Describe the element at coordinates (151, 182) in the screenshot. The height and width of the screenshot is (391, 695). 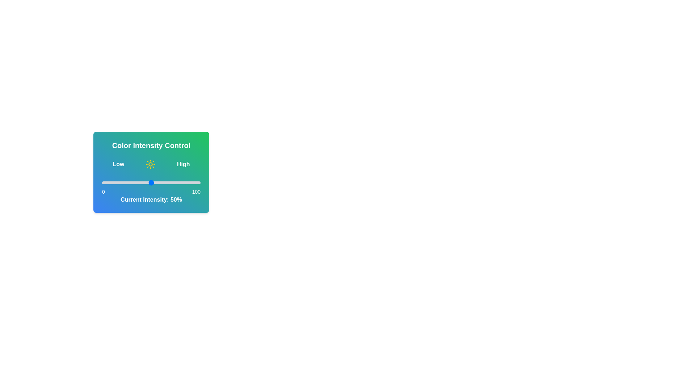
I see `the color intensity` at that location.